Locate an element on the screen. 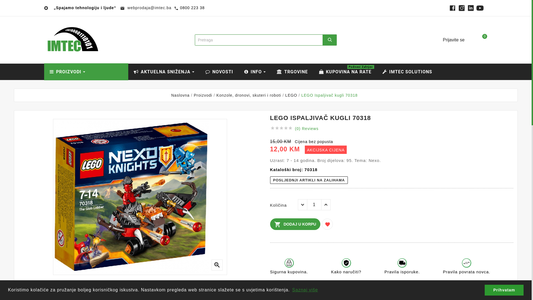 The image size is (533, 300). 'LEGO' is located at coordinates (285, 95).